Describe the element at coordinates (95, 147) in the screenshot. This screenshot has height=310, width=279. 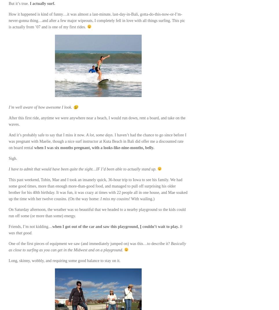
I see `'hen I was six months pregnant, with a looks-like-nine-months, belly.'` at that location.